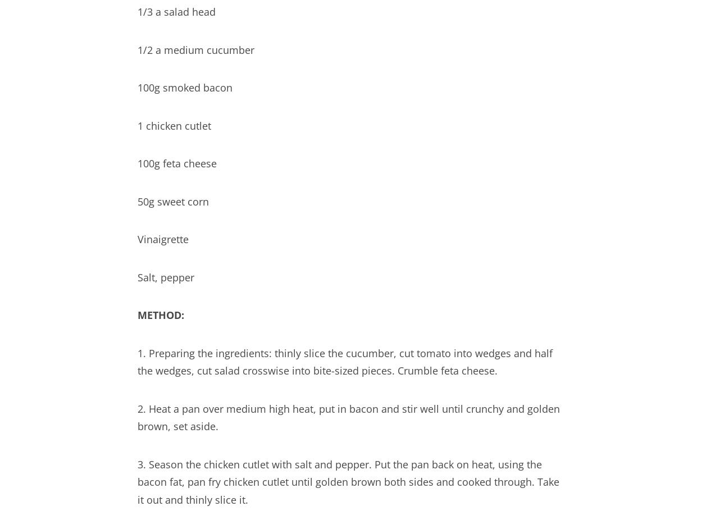 The width and height of the screenshot is (702, 529). Describe the element at coordinates (348, 416) in the screenshot. I see `'2. Heat a pan over medium high heat, put in bacon and stir well until crunchy and golden brown, set aside.'` at that location.